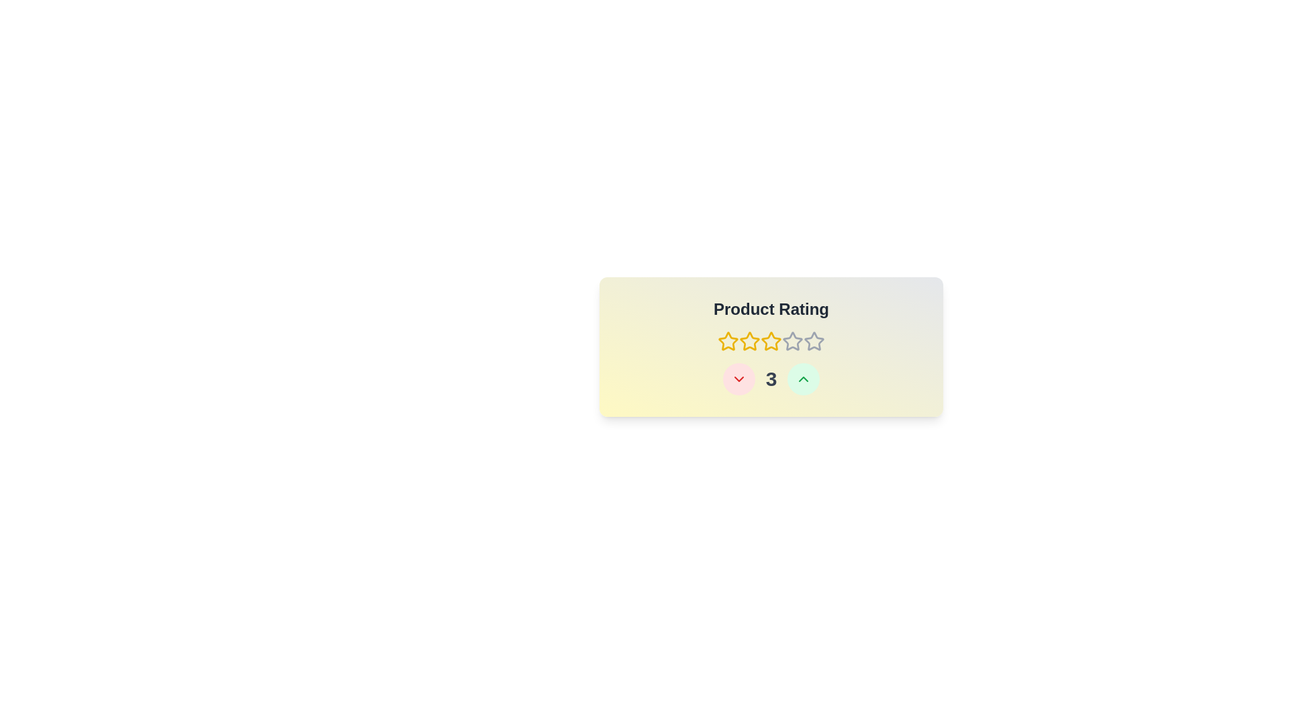  What do you see at coordinates (737, 379) in the screenshot?
I see `the button to the left of the numeric label '3' that allows users to decrement the displayed value` at bounding box center [737, 379].